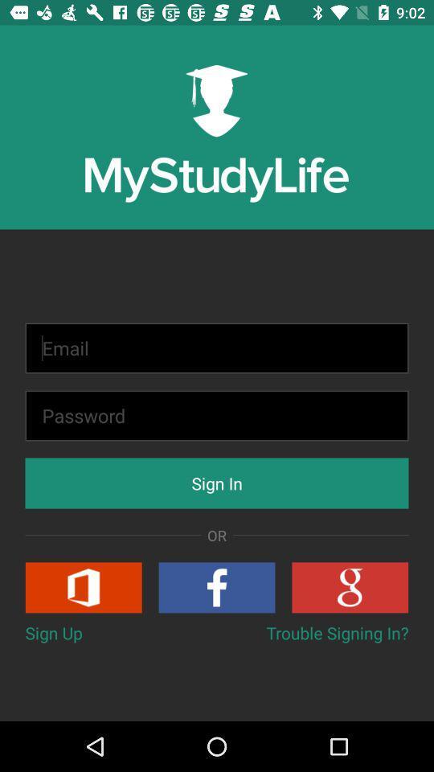 This screenshot has width=434, height=772. I want to click on sign in using your google account, so click(349, 586).